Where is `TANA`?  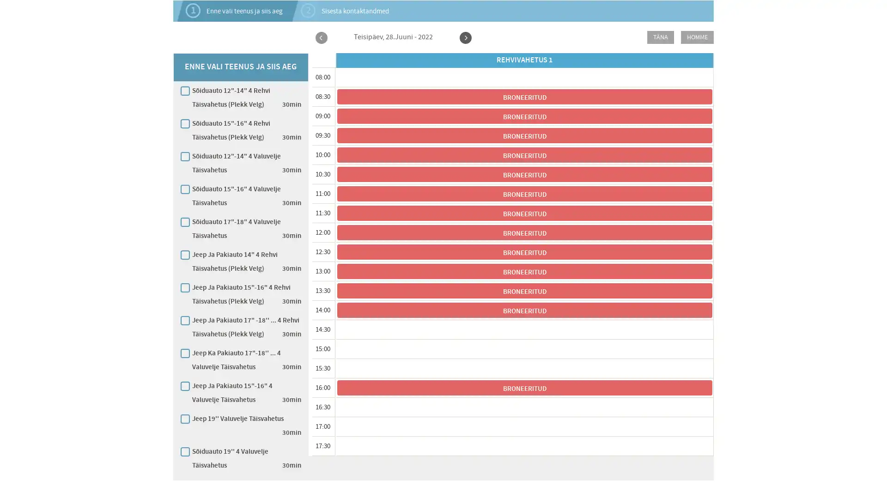
TANA is located at coordinates (660, 37).